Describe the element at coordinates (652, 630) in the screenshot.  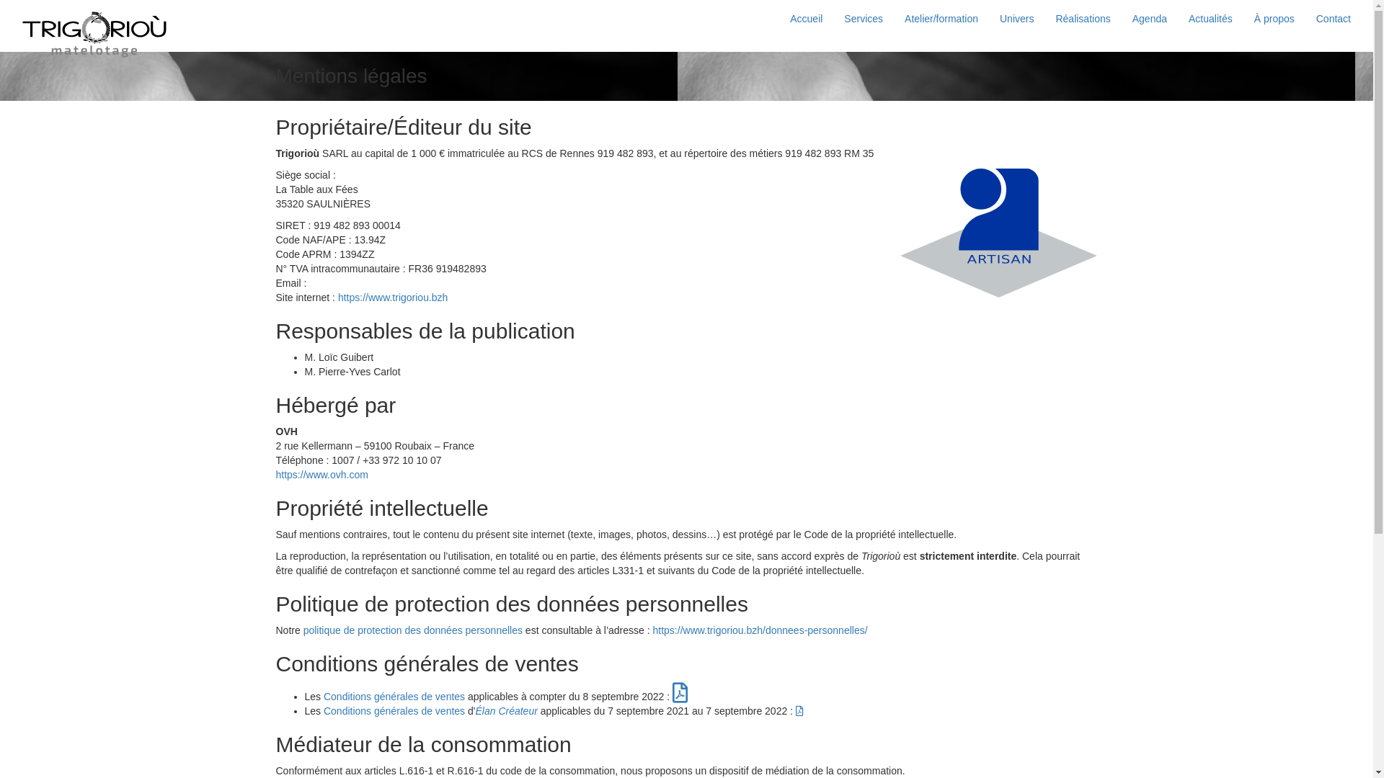
I see `'https://www.trigoriou.bzh/donnees-personnelles/'` at that location.